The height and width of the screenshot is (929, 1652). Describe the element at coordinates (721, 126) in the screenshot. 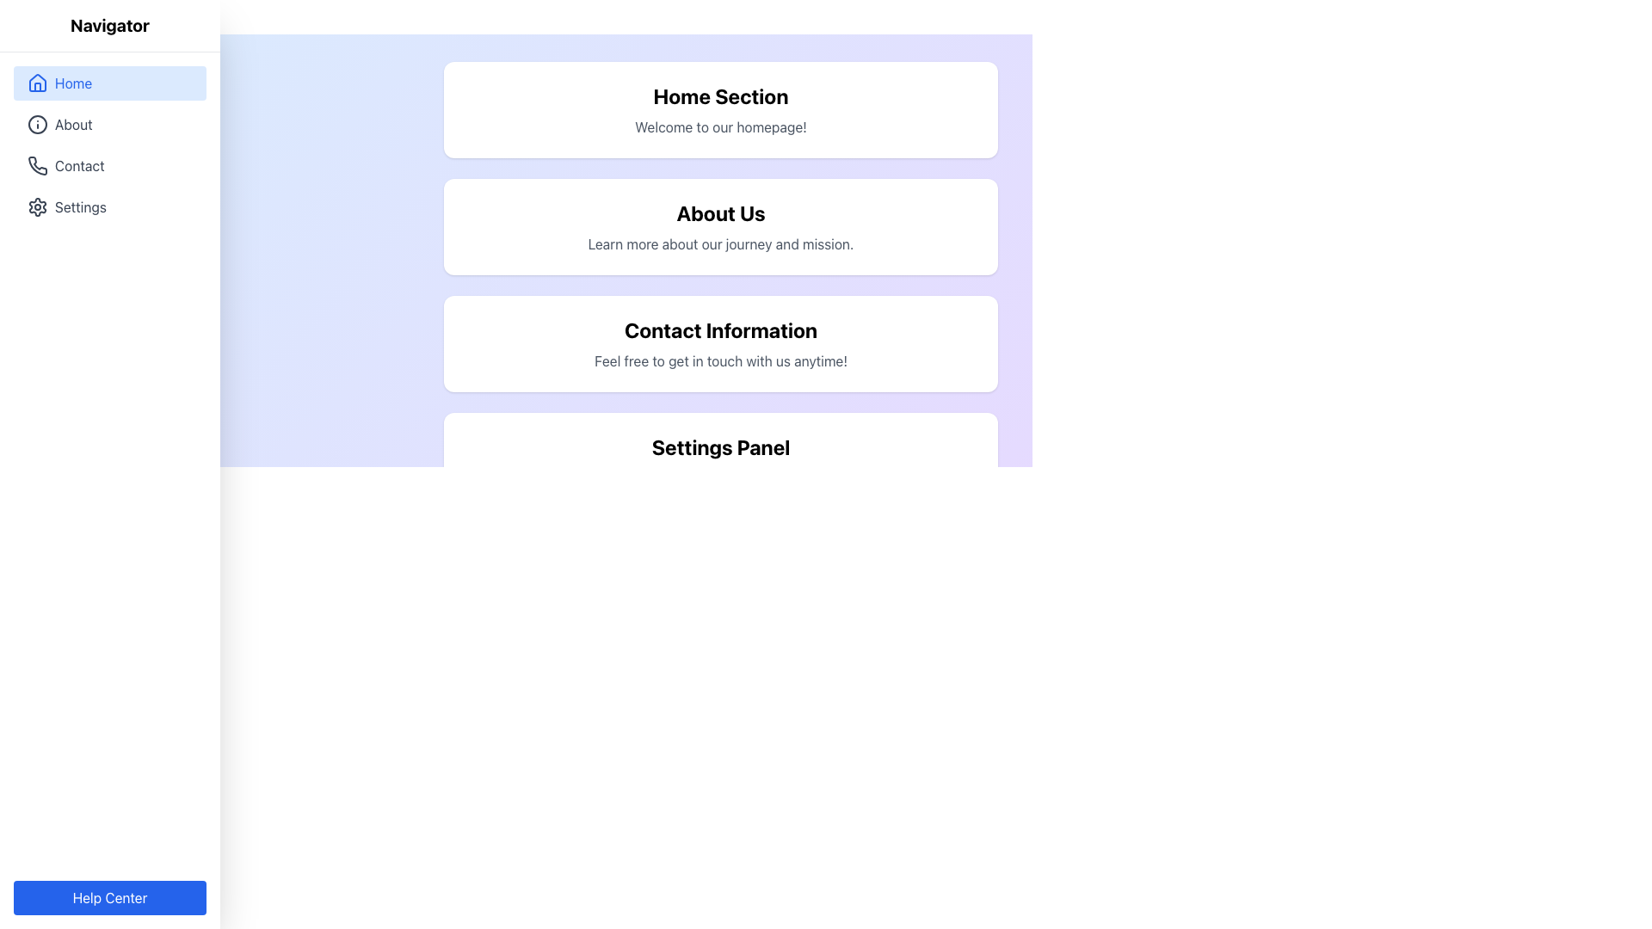

I see `message displayed in the text line saying 'Welcome to our homepage!' which is located in the 'Home Section' box below the title 'Home Section'` at that location.